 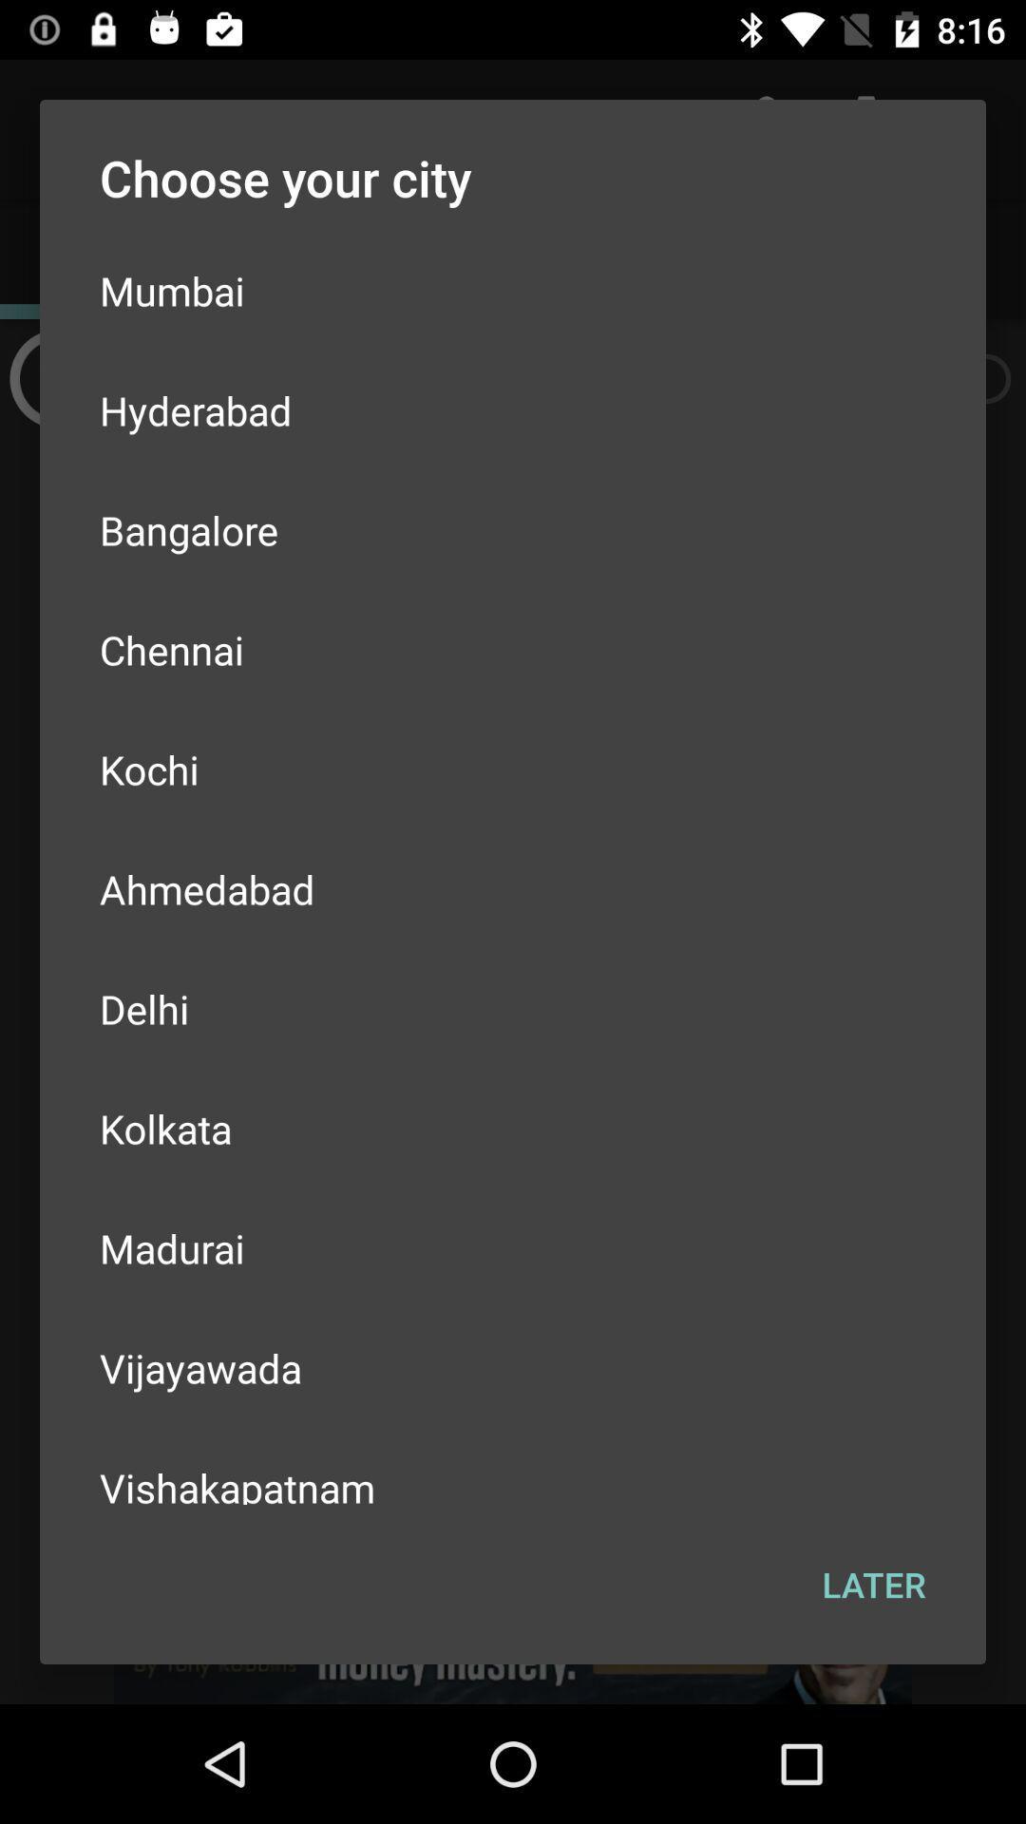 I want to click on vijayawada, so click(x=513, y=1368).